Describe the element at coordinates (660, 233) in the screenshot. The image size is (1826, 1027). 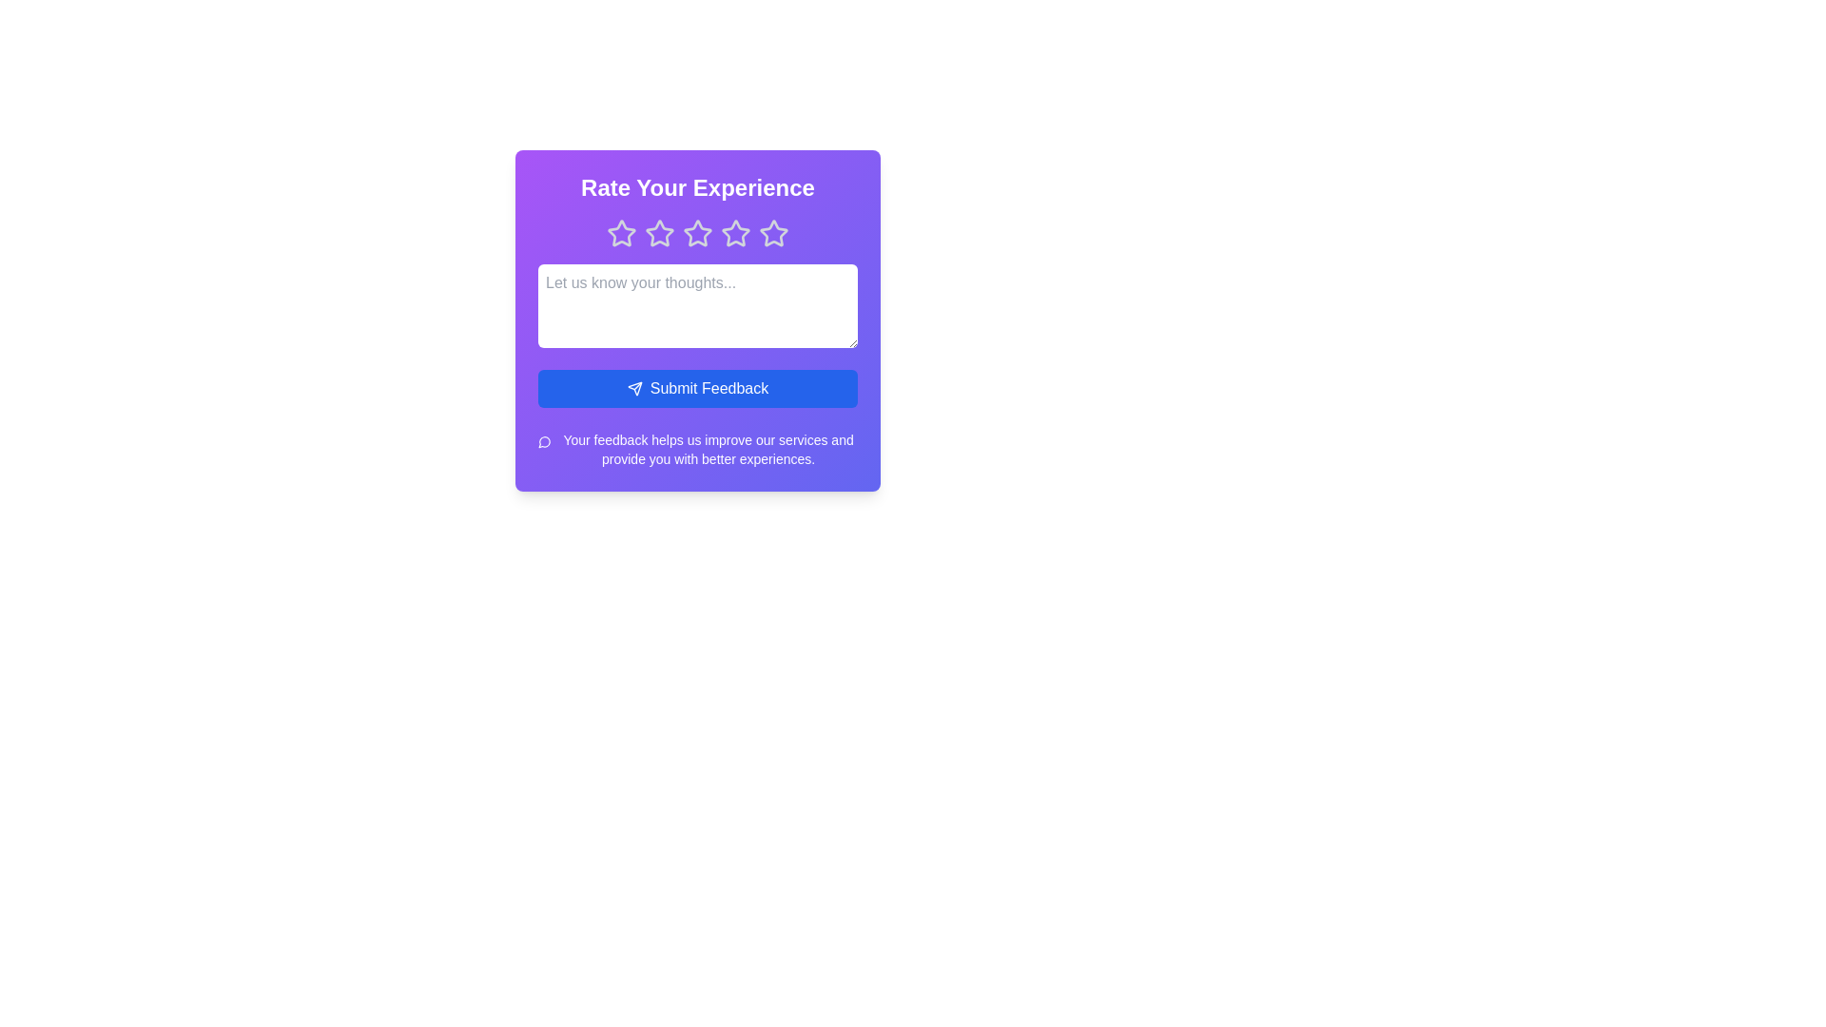
I see `the second star icon from the left in the row of five rating icons` at that location.